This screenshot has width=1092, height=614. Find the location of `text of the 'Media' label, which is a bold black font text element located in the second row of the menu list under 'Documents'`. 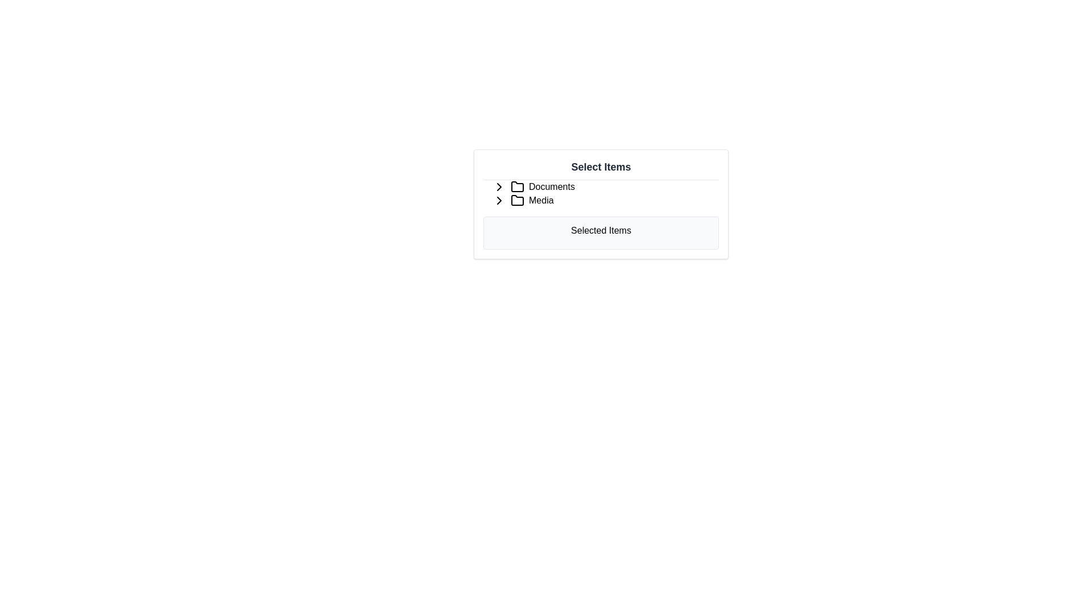

text of the 'Media' label, which is a bold black font text element located in the second row of the menu list under 'Documents' is located at coordinates (540, 200).